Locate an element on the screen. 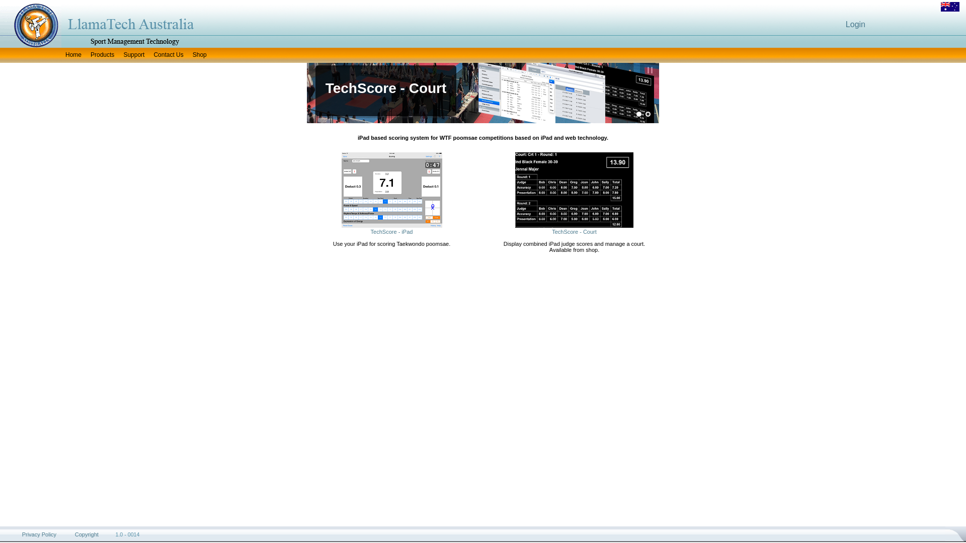 The height and width of the screenshot is (543, 966). 'Copyright' is located at coordinates (87, 534).